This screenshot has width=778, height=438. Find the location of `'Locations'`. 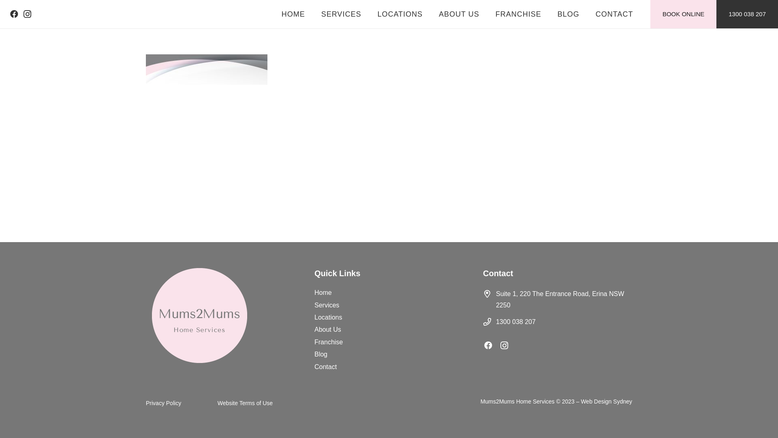

'Locations' is located at coordinates (328, 317).